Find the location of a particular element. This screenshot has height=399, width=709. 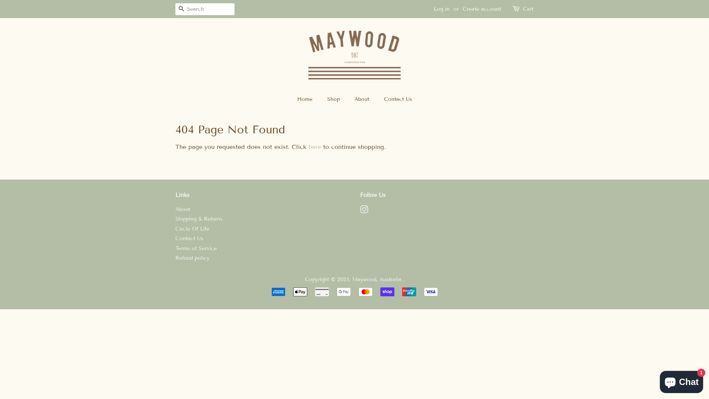

'Cart' is located at coordinates (528, 9).